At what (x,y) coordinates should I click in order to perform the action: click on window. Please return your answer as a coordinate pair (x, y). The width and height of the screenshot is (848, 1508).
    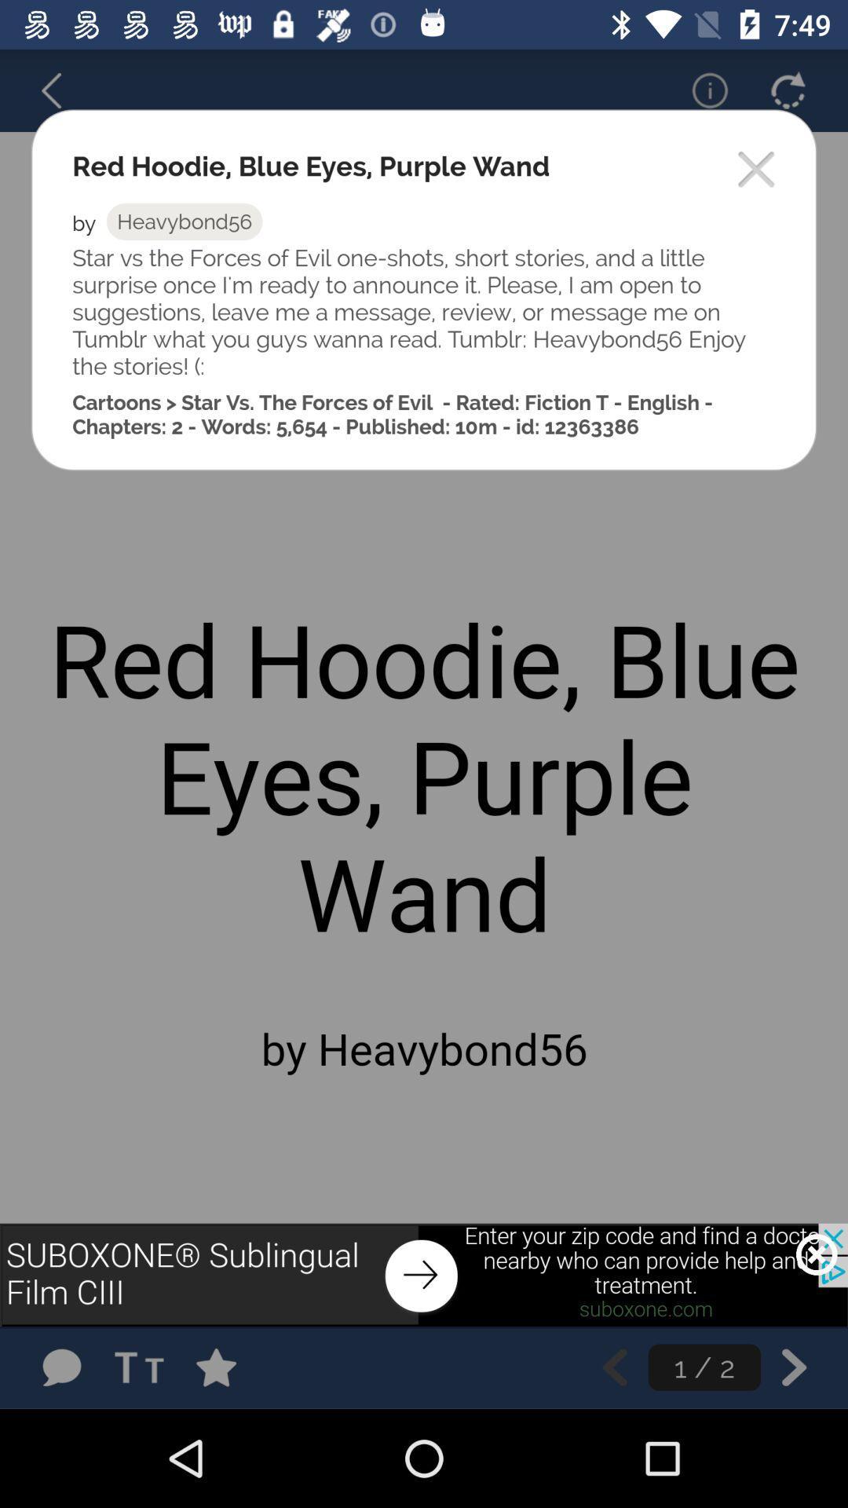
    Looking at the image, I should click on (756, 170).